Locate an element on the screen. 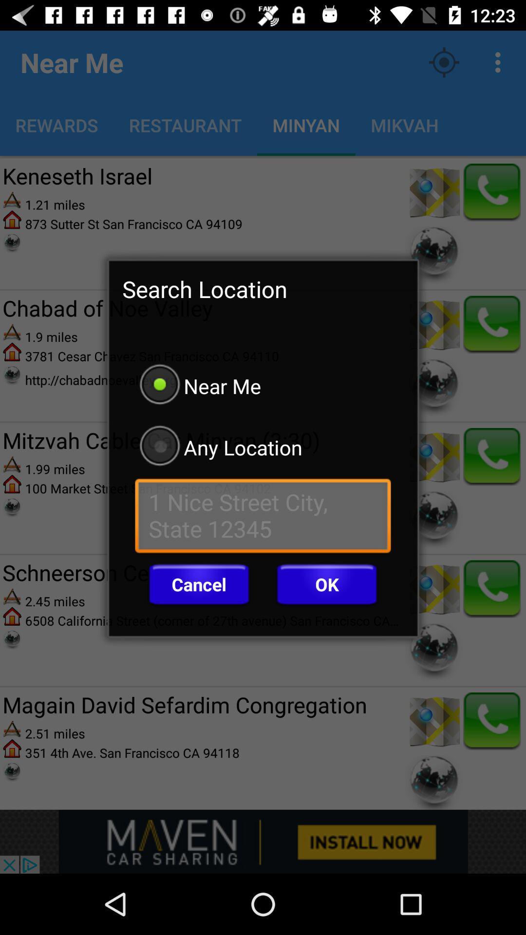 This screenshot has width=526, height=935. address is located at coordinates (263, 518).